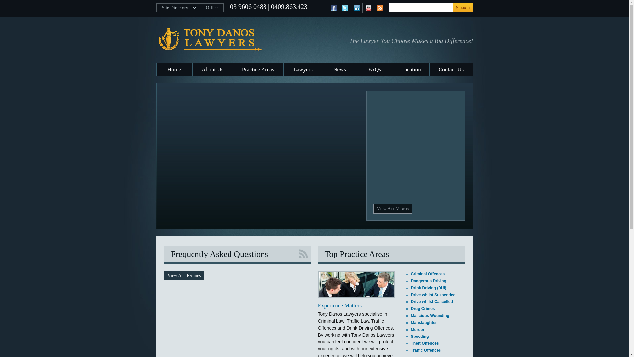 This screenshot has height=357, width=634. Describe the element at coordinates (333, 8) in the screenshot. I see `'Facebook'` at that location.